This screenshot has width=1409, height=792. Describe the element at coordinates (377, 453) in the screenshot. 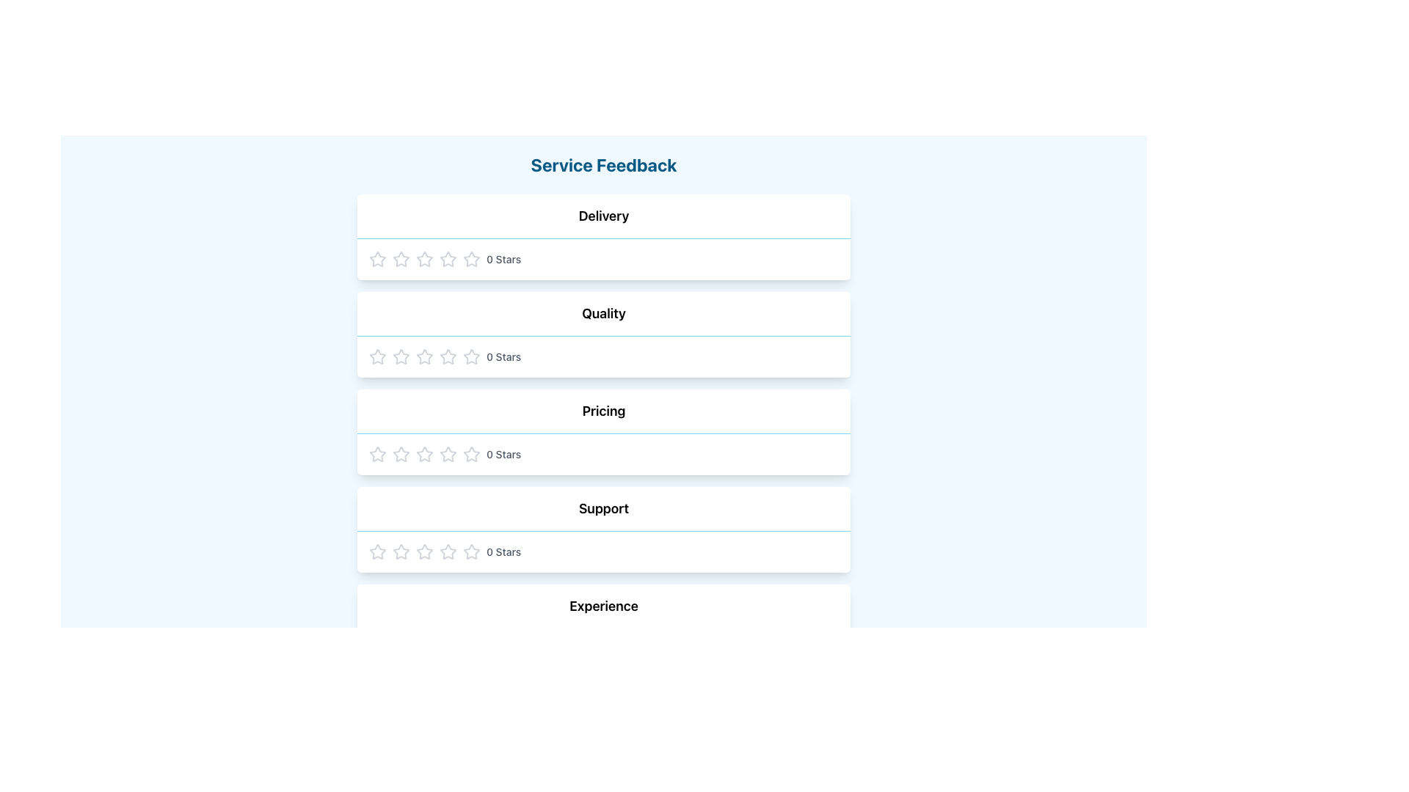

I see `the first star icon in the 'Support' category` at that location.